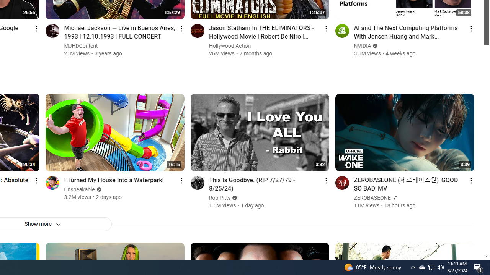  I want to click on 'NVIDIA', so click(362, 46).